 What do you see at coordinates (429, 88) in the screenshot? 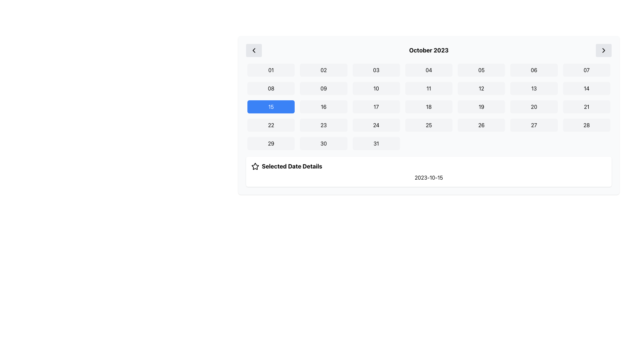
I see `the button labeled '11' in the second row, fourth column of the calendar grid for keyboard selection` at bounding box center [429, 88].